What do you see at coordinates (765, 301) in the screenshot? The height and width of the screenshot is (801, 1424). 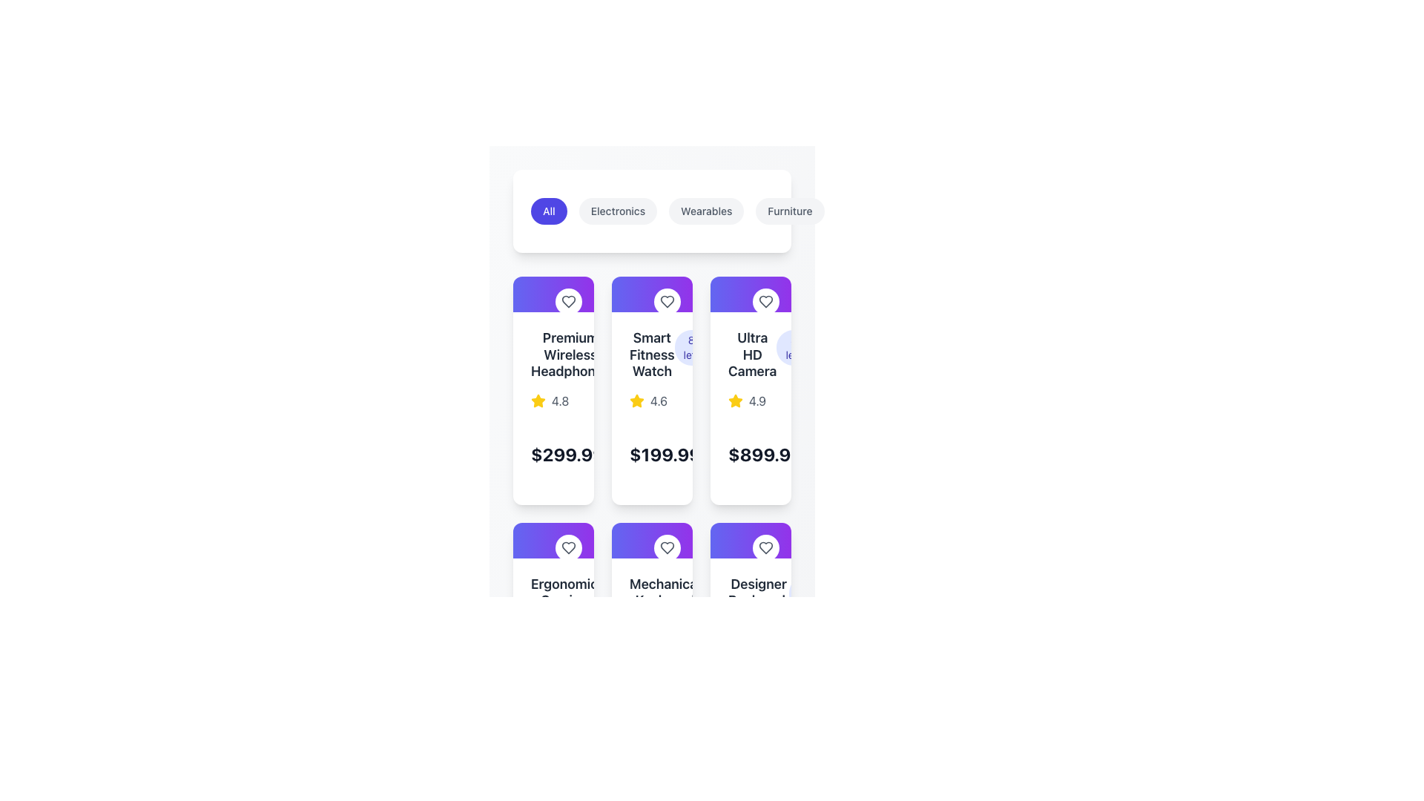 I see `the favorite action button located at the top-right corner of the 'Ultra HD Camera' card` at bounding box center [765, 301].